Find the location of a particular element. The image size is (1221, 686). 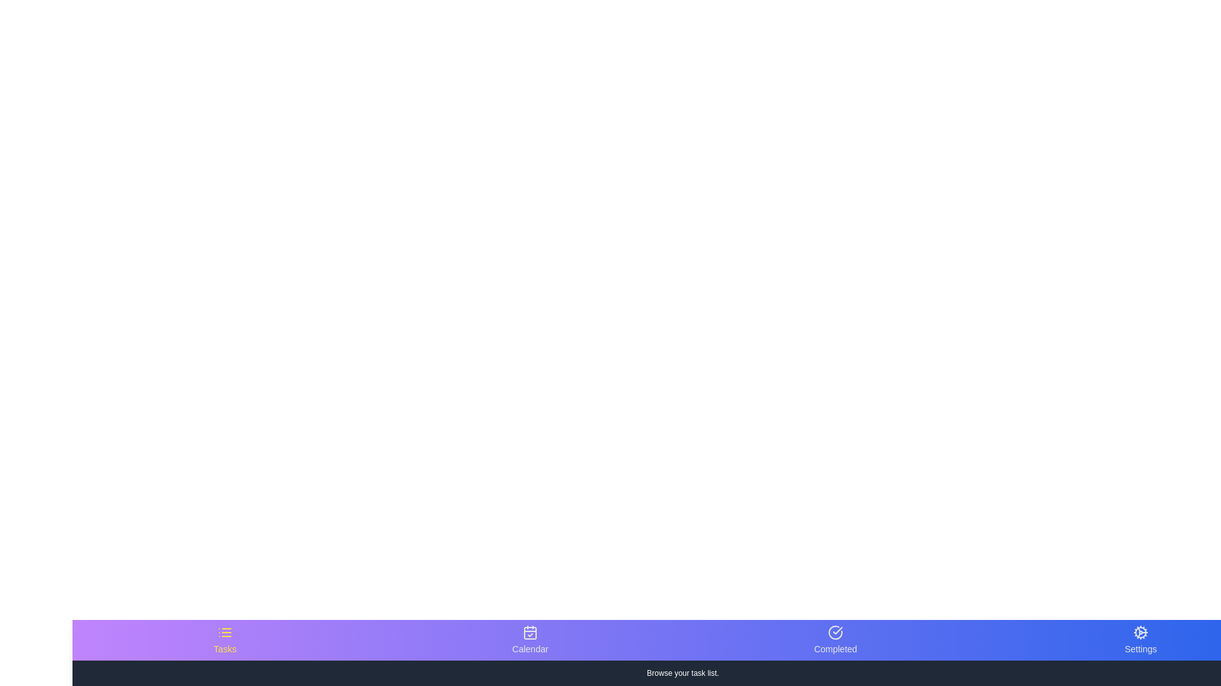

the Calendar tab is located at coordinates (530, 640).